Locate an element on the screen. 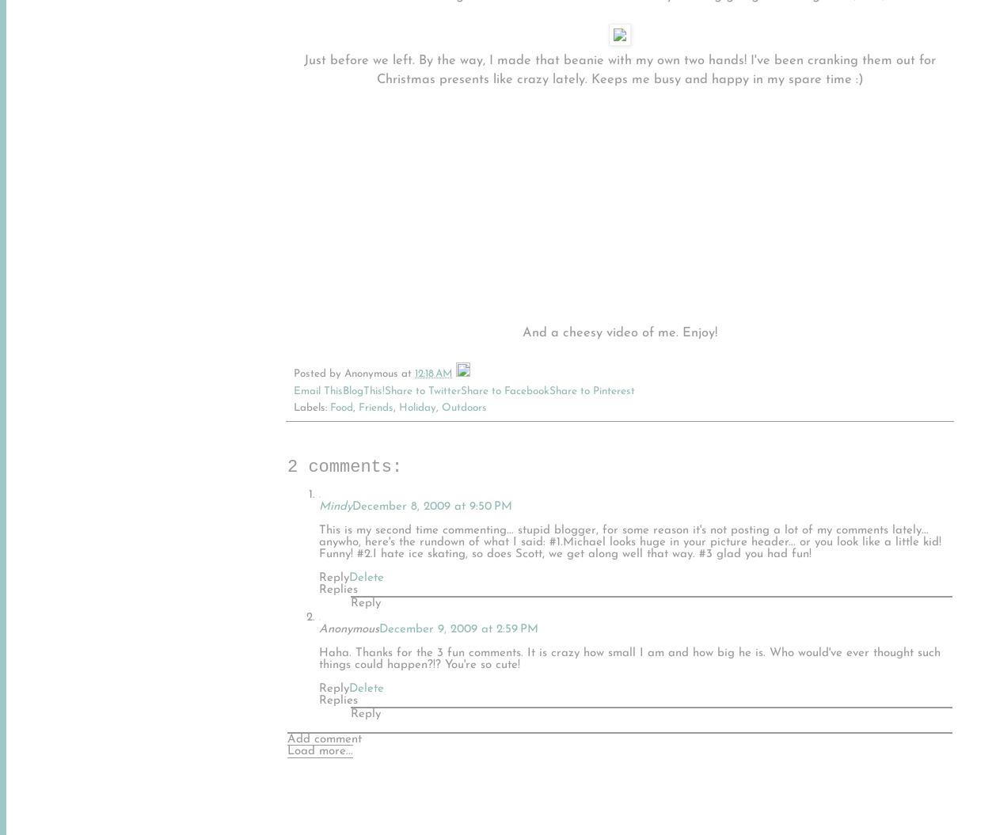  'This is my second time commenting... stupid blogger, for some reason it's not posting a lot of my comments lately... anywho, here's the rundown of what I said: #1.Michael looks huge in your picture header... or you look like a little kid! Funny! #2.I hate ice skating, so does Scott, we get along well that way. #3 glad you had fun!' is located at coordinates (630, 541).